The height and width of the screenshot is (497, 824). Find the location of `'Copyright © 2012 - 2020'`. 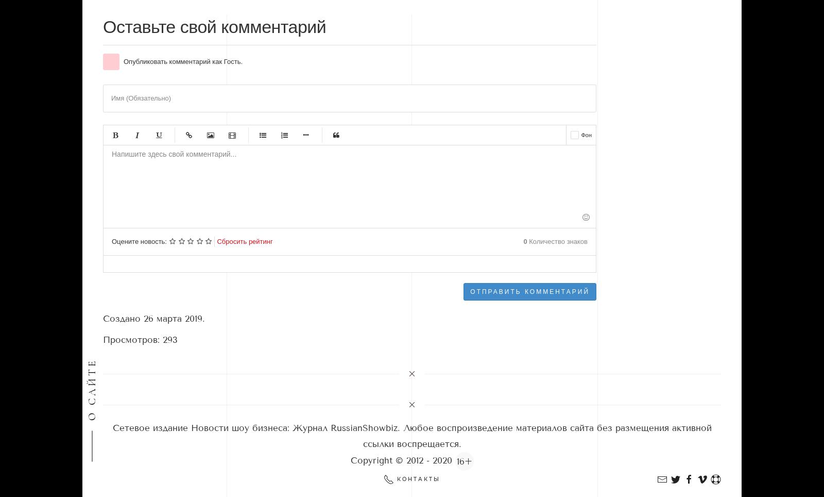

'Copyright © 2012 - 2020' is located at coordinates (402, 460).